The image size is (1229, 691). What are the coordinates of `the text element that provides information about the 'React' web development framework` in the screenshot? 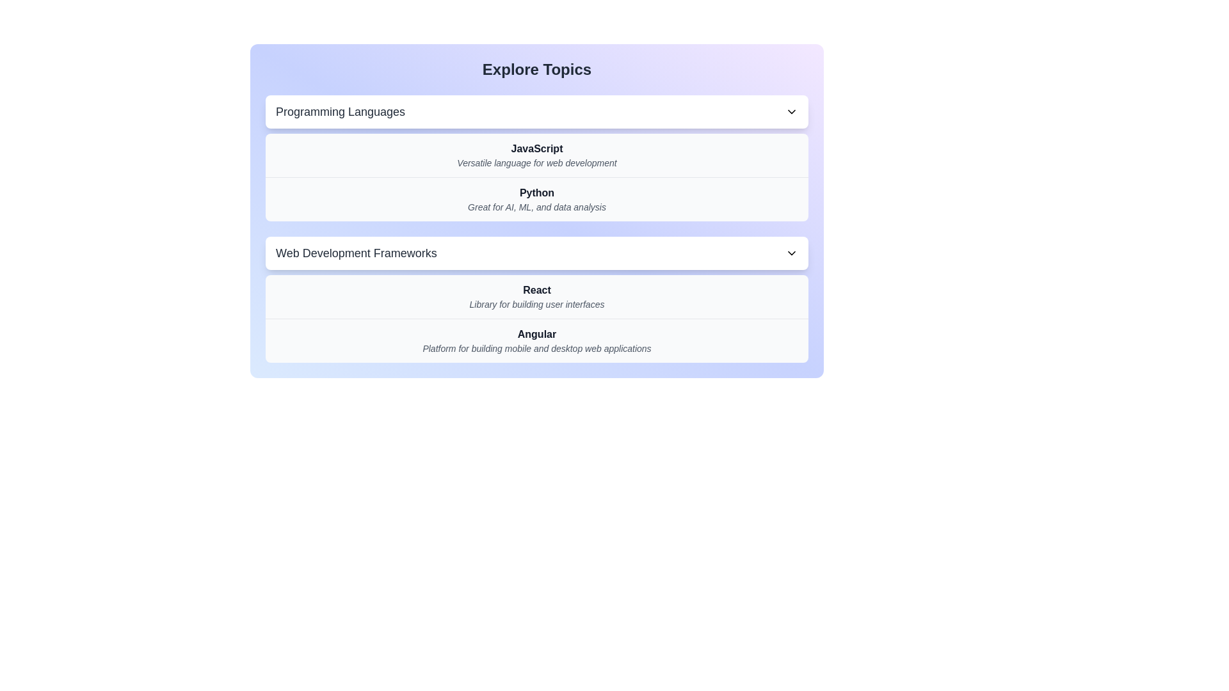 It's located at (537, 296).